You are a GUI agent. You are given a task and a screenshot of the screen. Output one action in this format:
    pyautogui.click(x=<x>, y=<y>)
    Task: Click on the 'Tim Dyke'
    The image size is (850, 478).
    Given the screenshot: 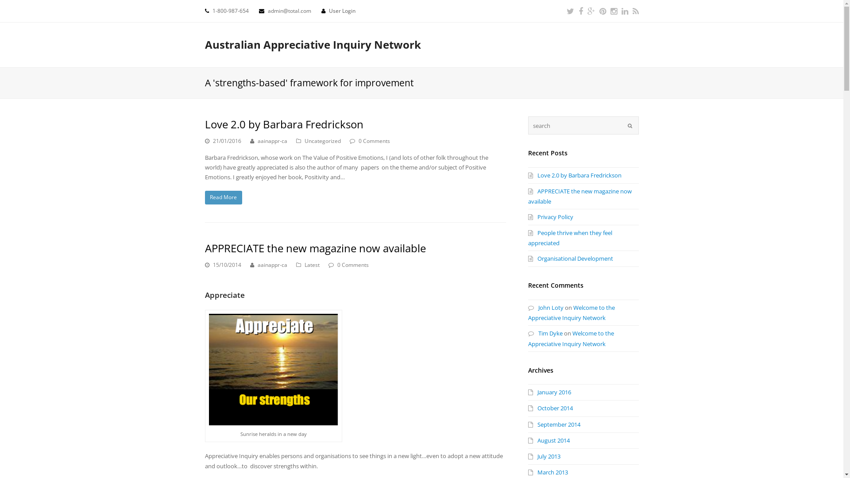 What is the action you would take?
    pyautogui.click(x=544, y=333)
    